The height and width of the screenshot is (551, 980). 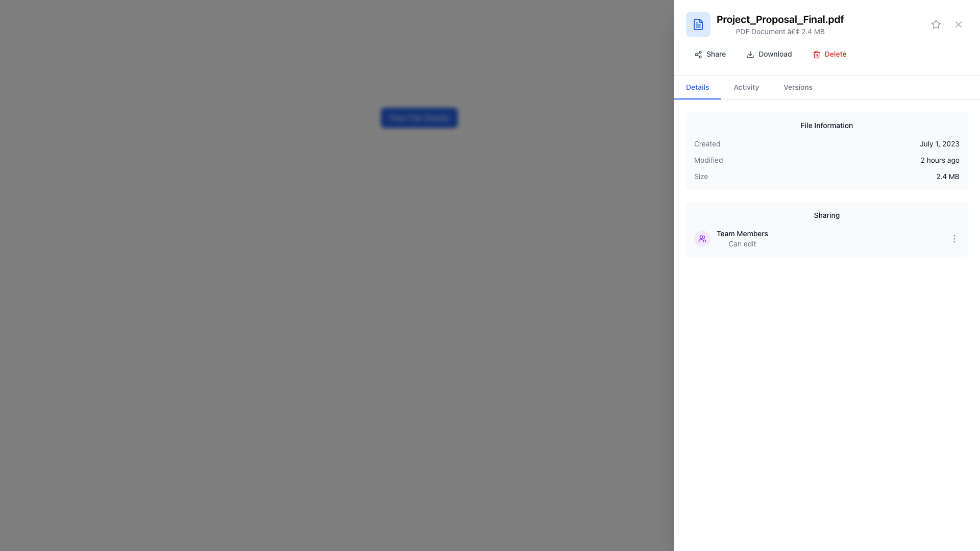 I want to click on the 'Details' tab selector button located in the top right section of the interface, which is the first of three sibling elements, so click(x=697, y=87).